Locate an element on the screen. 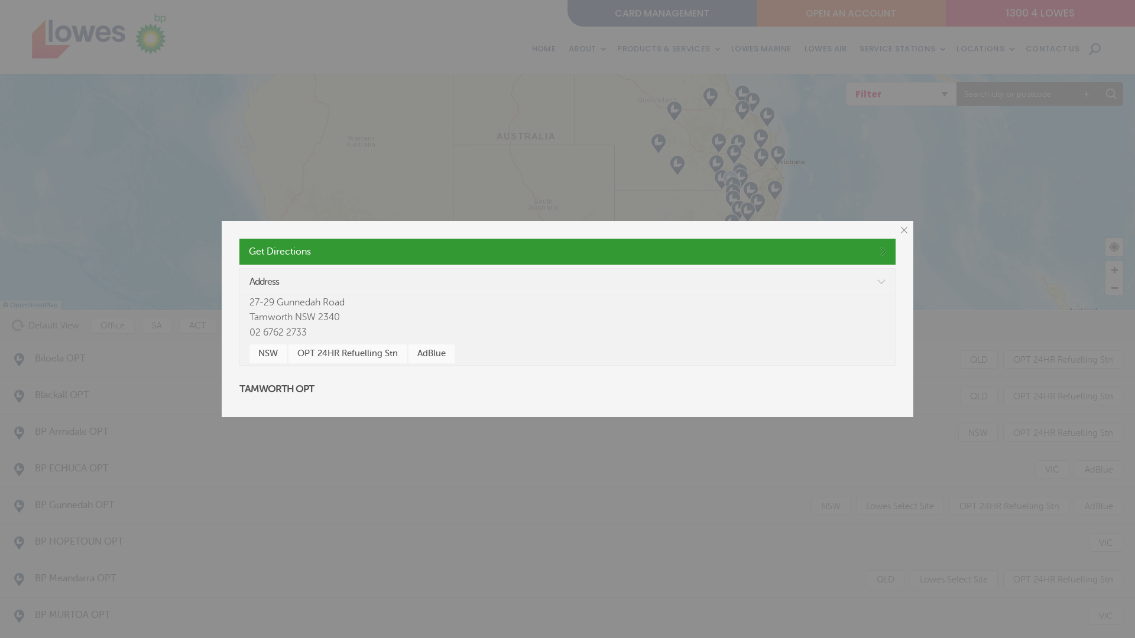 Image resolution: width=1135 pixels, height=638 pixels. 'Lowes Select Site' is located at coordinates (899, 505).